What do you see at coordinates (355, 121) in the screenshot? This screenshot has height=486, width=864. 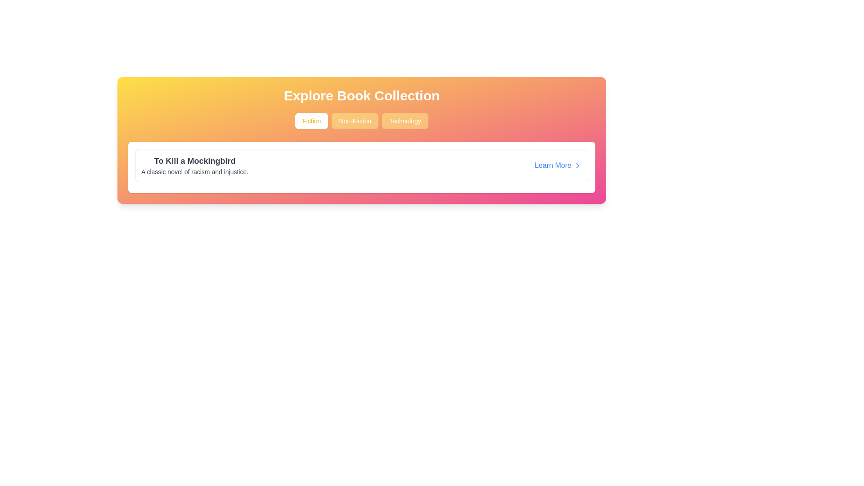 I see `the 'Non-Fiction' button, which is a rectangular button with rounded corners, light yellow-orange background, and white text, positioned between the 'Fiction' and 'Technology' buttons in the header region` at bounding box center [355, 121].